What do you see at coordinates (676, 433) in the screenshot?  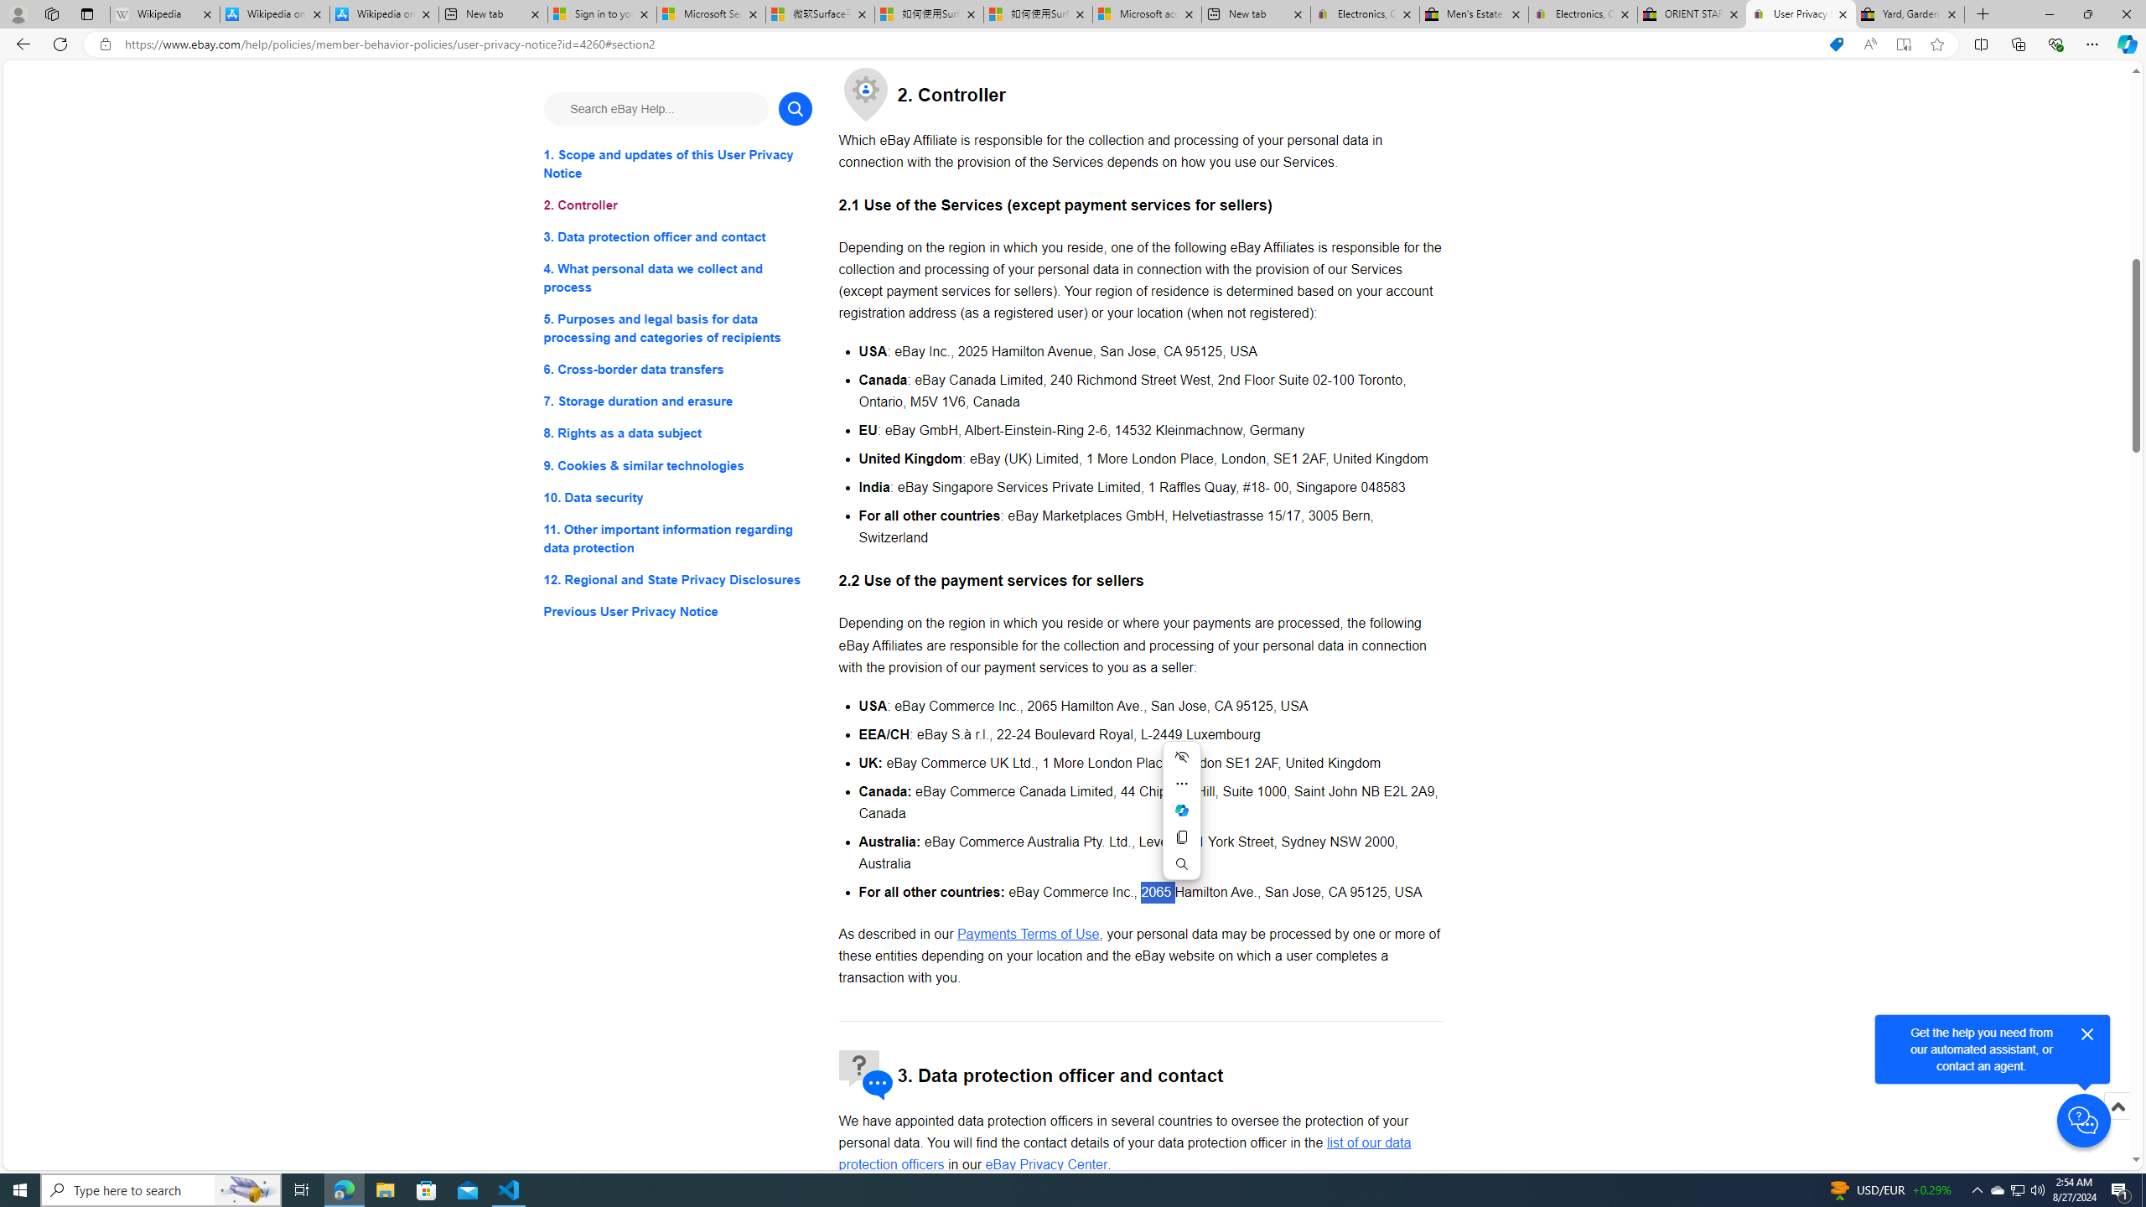 I see `'8. Rights as a data subject'` at bounding box center [676, 433].